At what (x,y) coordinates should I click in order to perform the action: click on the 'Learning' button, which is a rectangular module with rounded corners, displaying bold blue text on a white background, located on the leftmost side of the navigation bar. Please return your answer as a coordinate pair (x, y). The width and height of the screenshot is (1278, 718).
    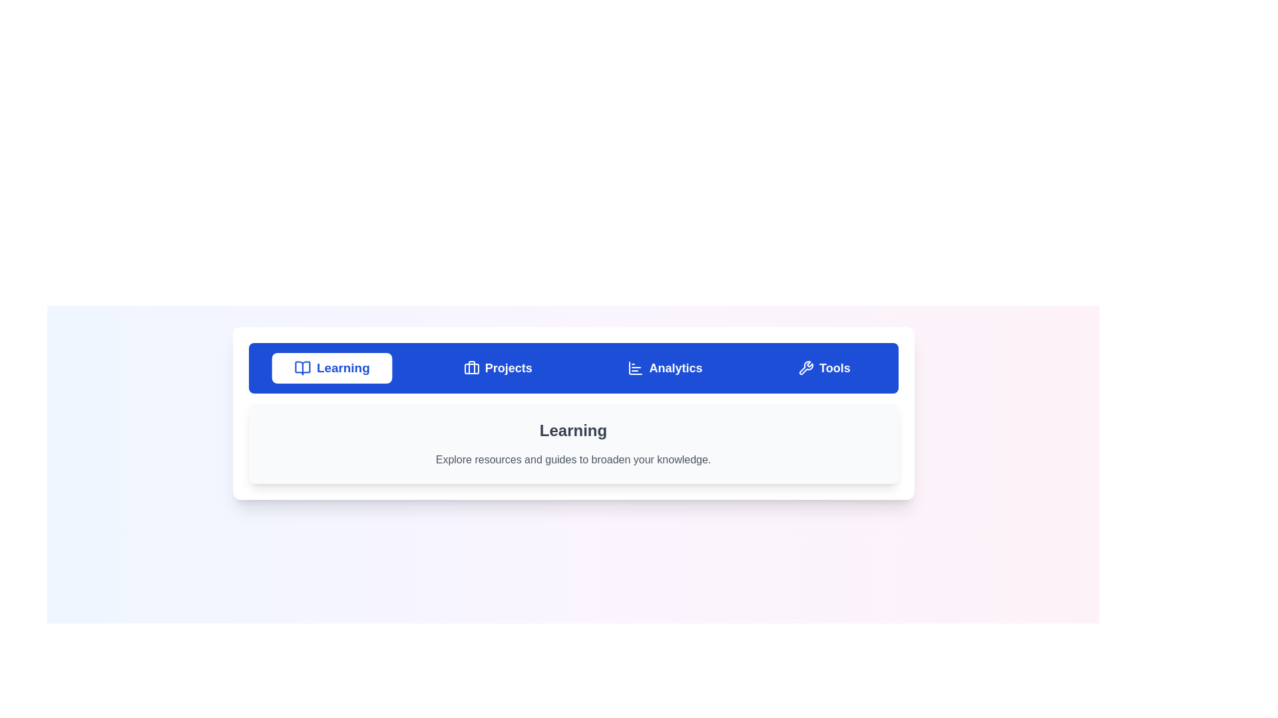
    Looking at the image, I should click on (332, 368).